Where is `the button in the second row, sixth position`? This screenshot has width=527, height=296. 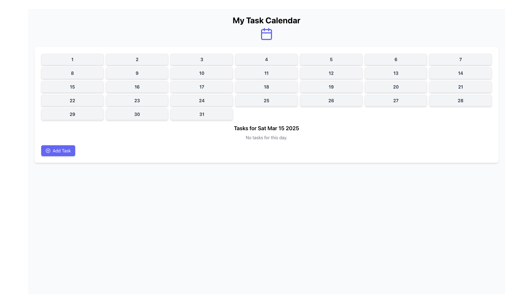
the button in the second row, sixth position is located at coordinates (331, 73).